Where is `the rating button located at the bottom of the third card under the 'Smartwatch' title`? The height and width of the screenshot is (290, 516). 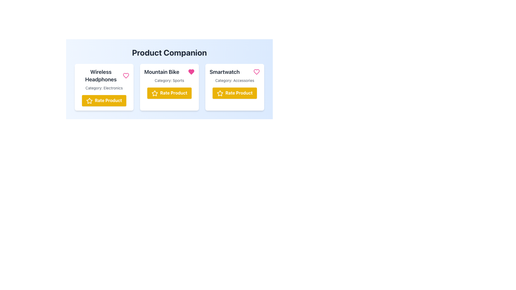
the rating button located at the bottom of the third card under the 'Smartwatch' title is located at coordinates (235, 93).